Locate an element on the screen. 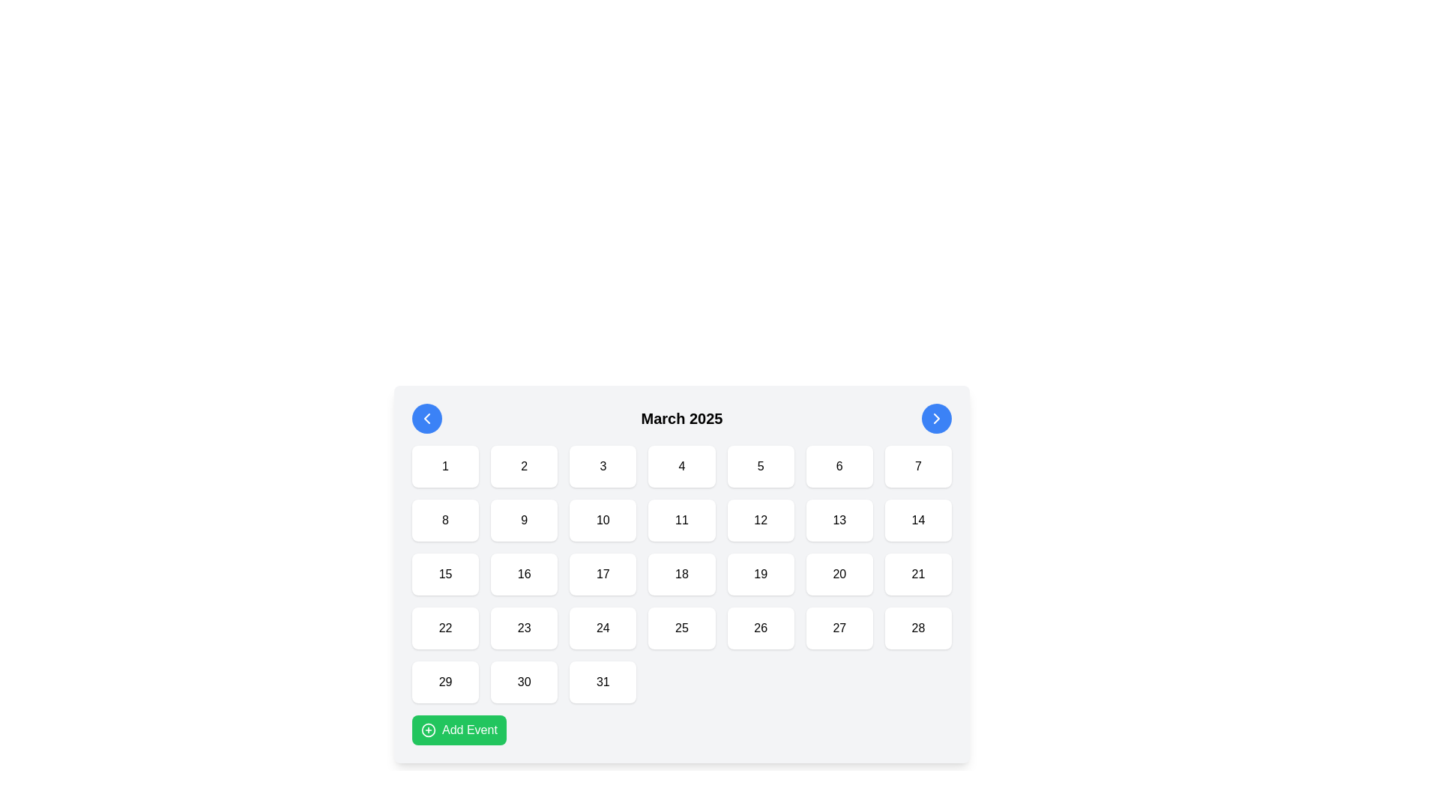 The image size is (1439, 809). the calendar date selector displaying the number '27' in a bold, black font, located under the header 'March 2025' in the fifth row and sixth column of the grid is located at coordinates (839, 628).